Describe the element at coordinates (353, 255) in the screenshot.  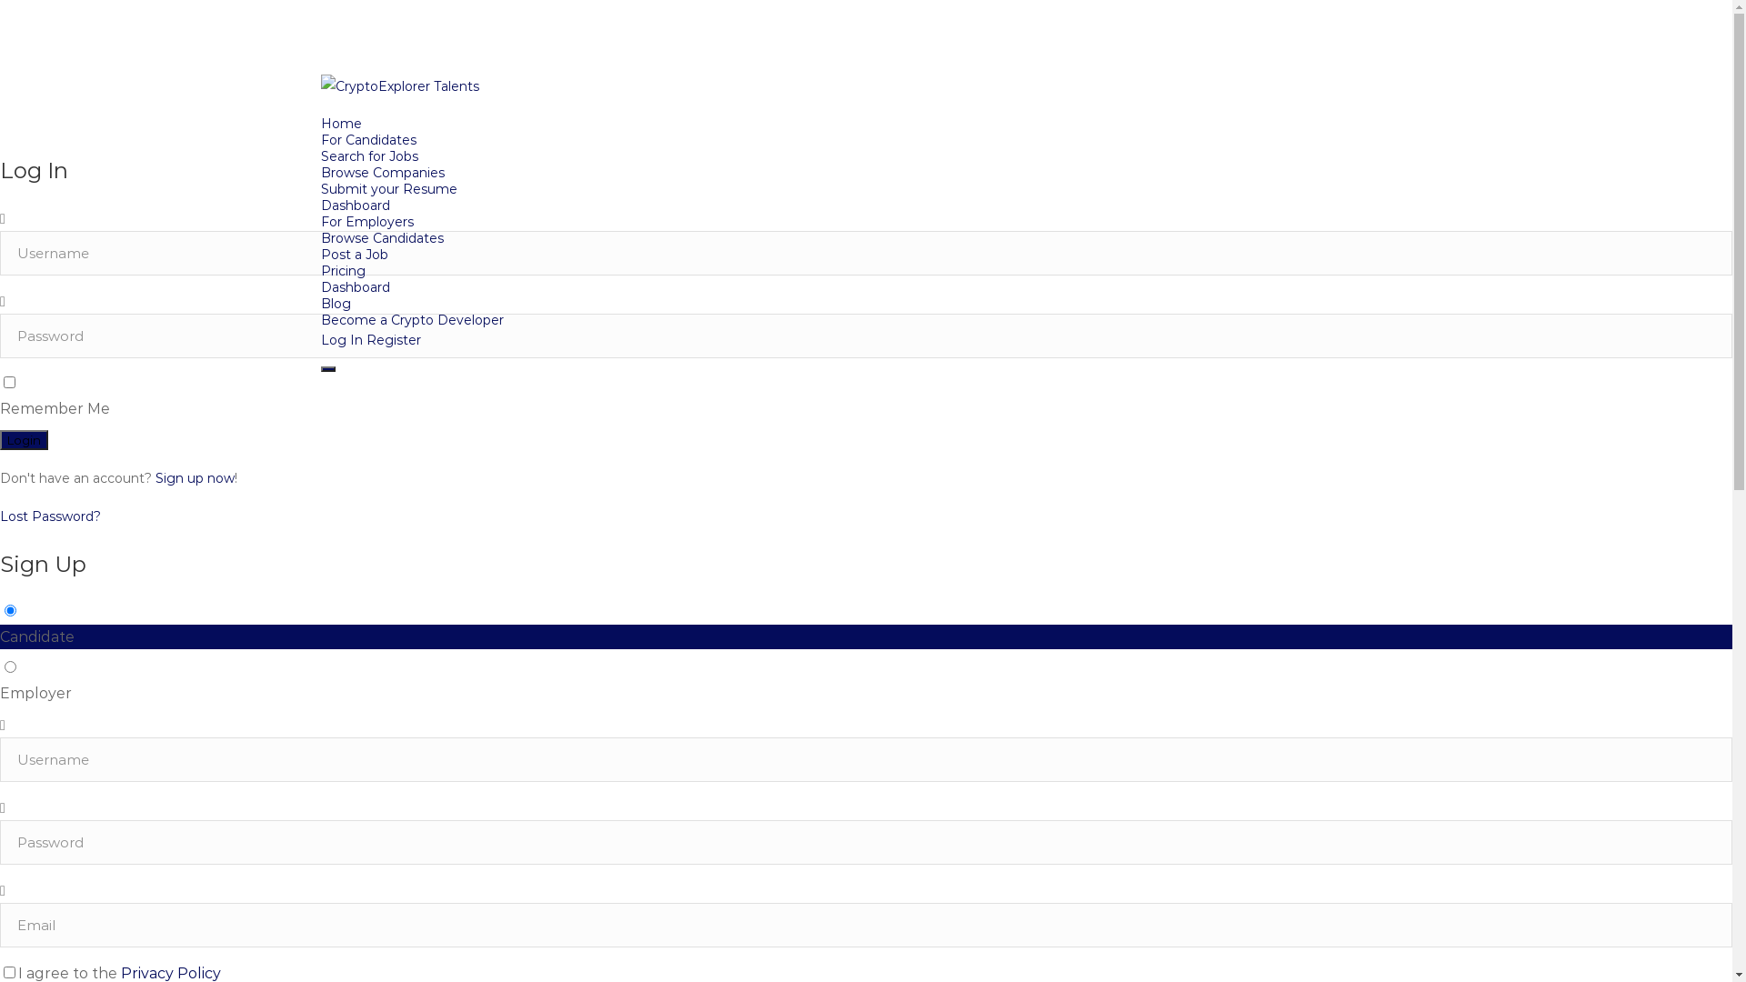
I see `'Post a Job'` at that location.